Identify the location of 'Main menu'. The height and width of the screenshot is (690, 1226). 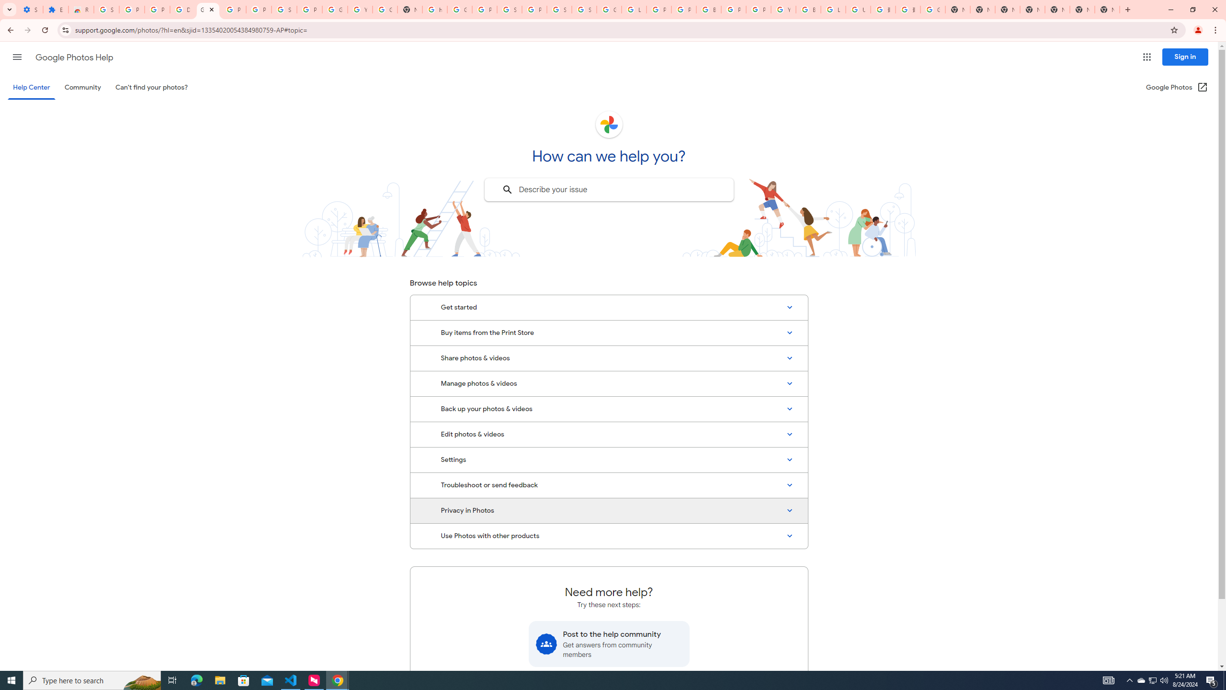
(16, 57).